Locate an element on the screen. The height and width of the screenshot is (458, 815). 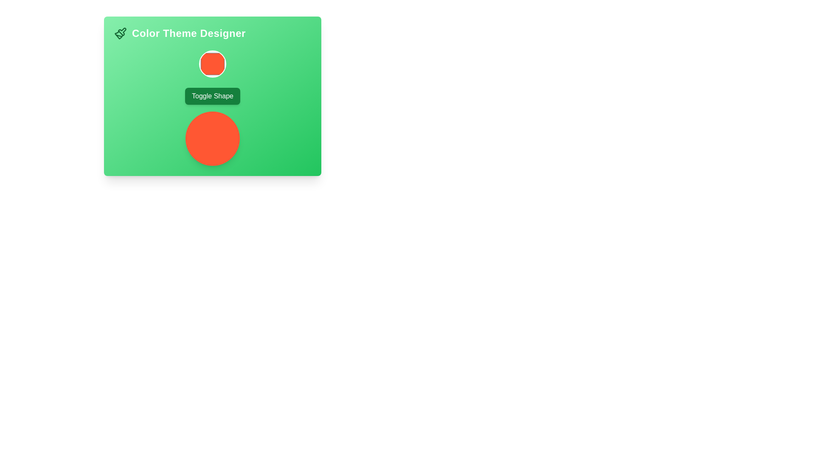
the green button labeled 'Toggle Shape' to bring it into context is located at coordinates (212, 96).